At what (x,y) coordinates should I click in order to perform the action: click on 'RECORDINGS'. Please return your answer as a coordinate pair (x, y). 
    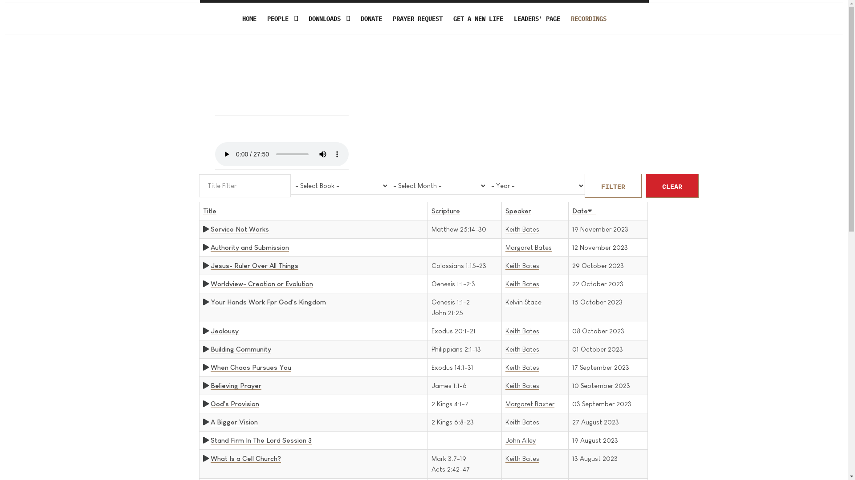
    Looking at the image, I should click on (588, 19).